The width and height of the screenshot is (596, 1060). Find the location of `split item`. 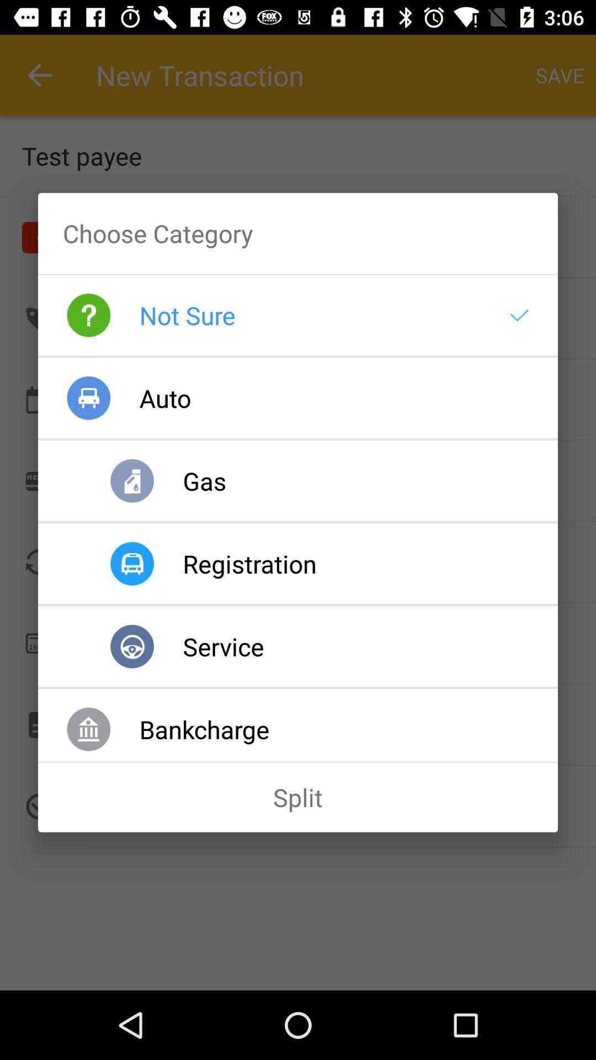

split item is located at coordinates (298, 797).